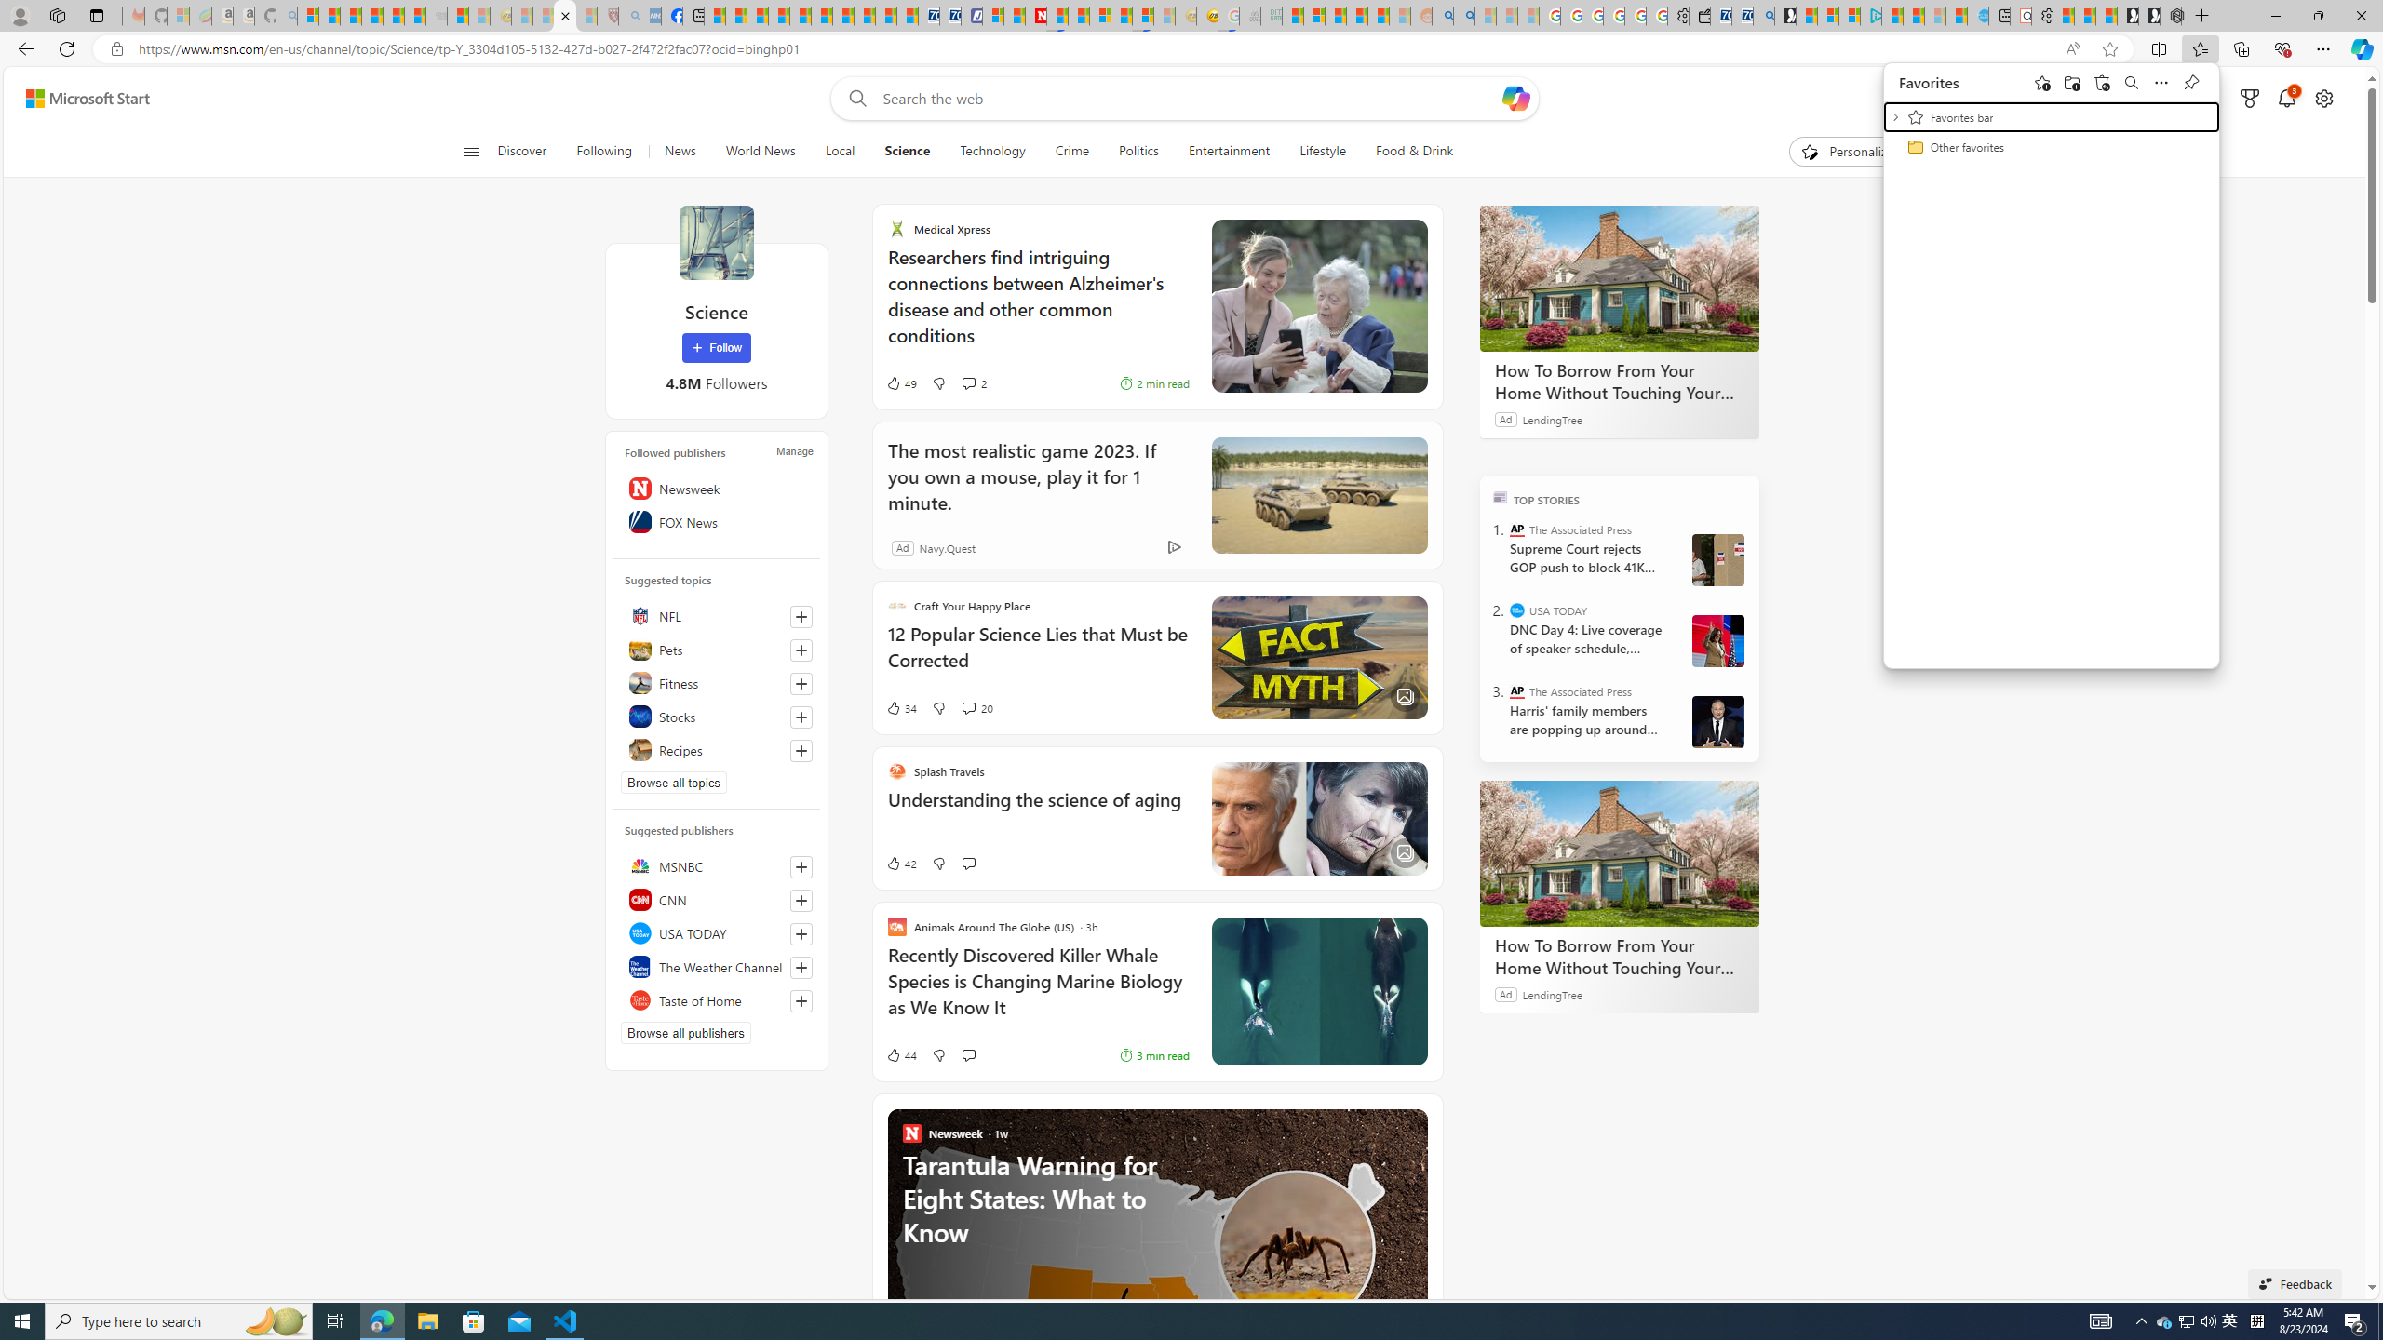 Image resolution: width=2383 pixels, height=1340 pixels. What do you see at coordinates (2099, 1320) in the screenshot?
I see `'AutomationID: 4105'` at bounding box center [2099, 1320].